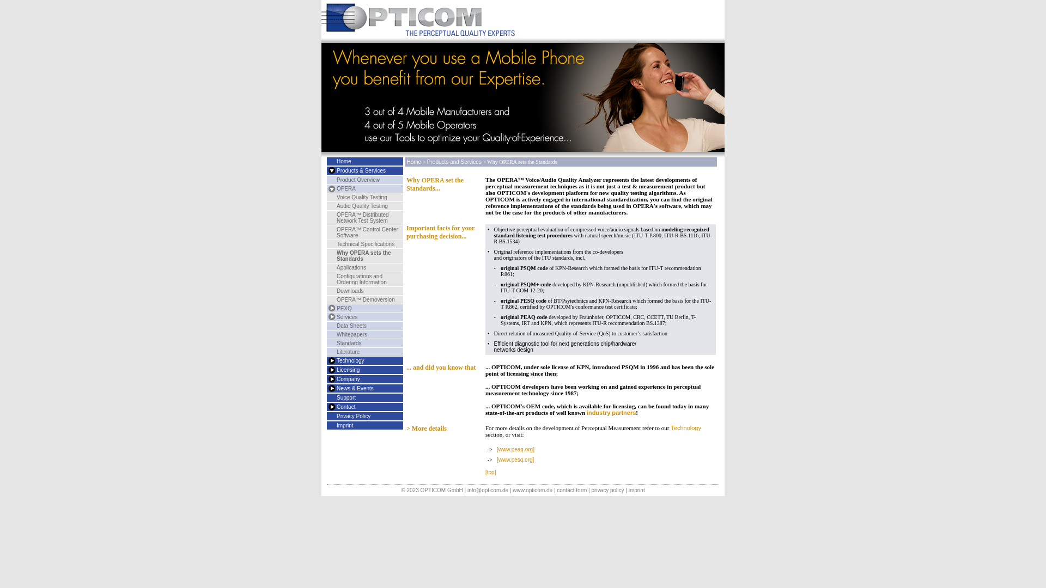 This screenshot has height=588, width=1046. What do you see at coordinates (345, 407) in the screenshot?
I see `'Contact'` at bounding box center [345, 407].